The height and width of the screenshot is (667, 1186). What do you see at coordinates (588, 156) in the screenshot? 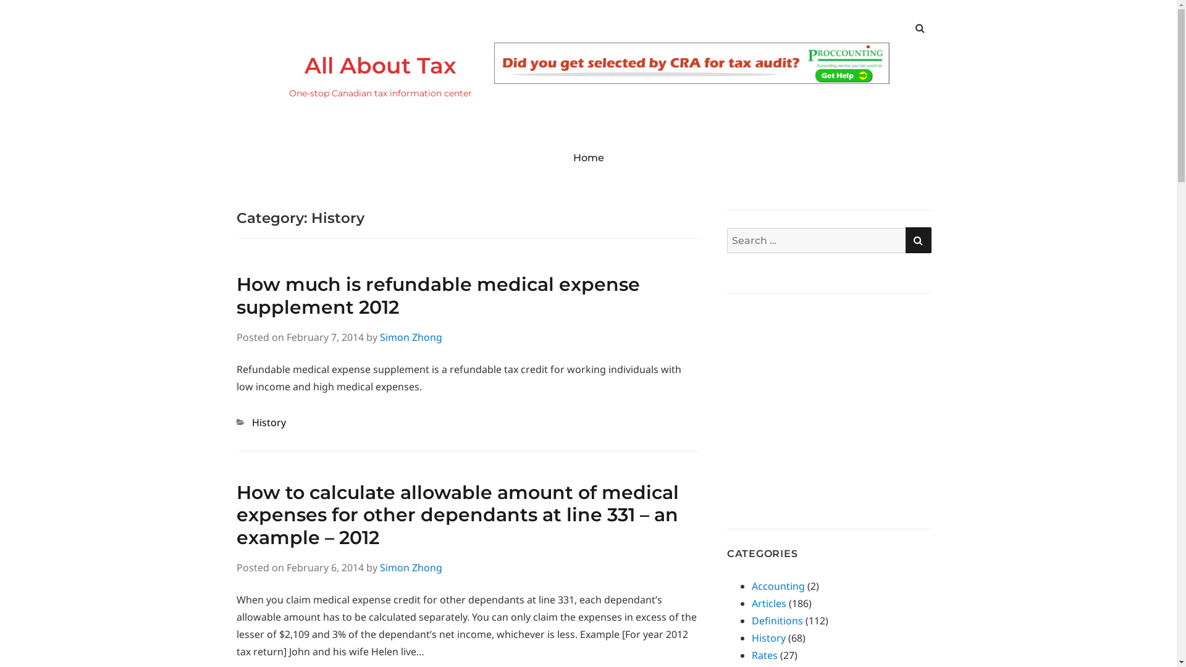
I see `'Home'` at bounding box center [588, 156].